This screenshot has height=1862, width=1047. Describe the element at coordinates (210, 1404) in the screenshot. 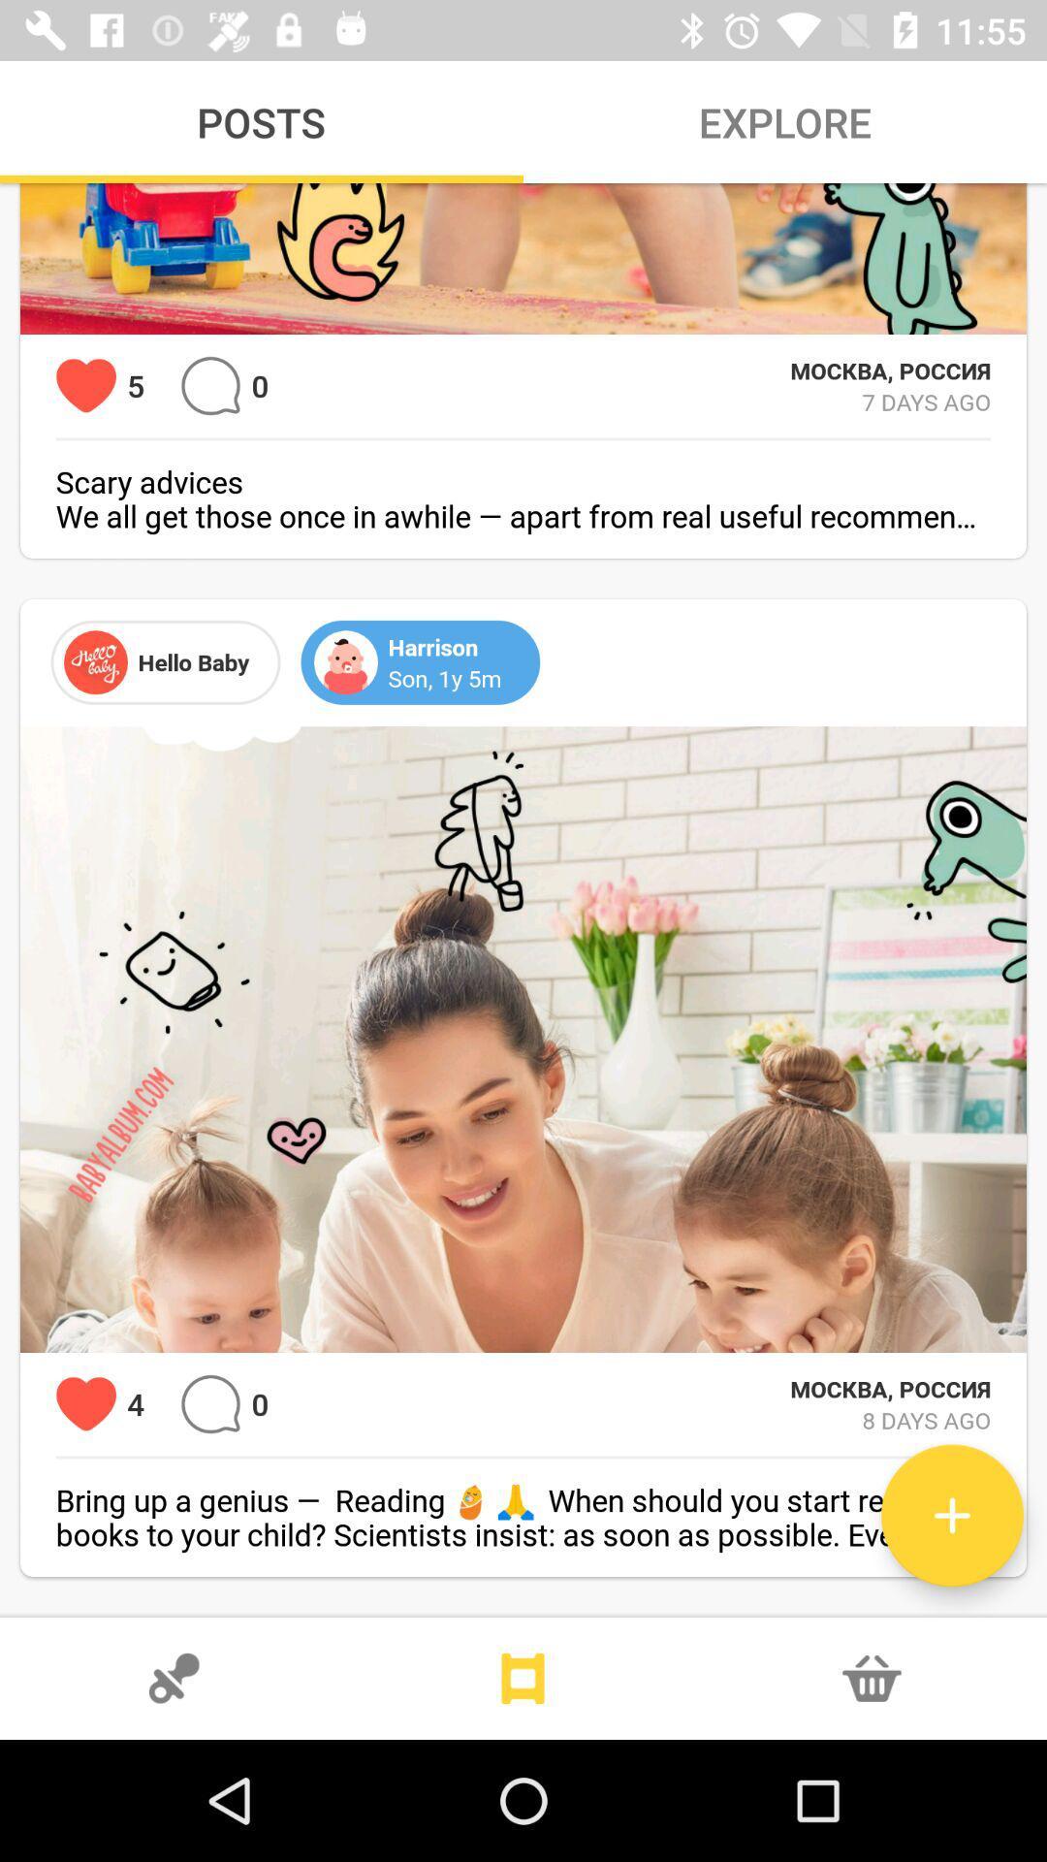

I see `make a comment` at that location.